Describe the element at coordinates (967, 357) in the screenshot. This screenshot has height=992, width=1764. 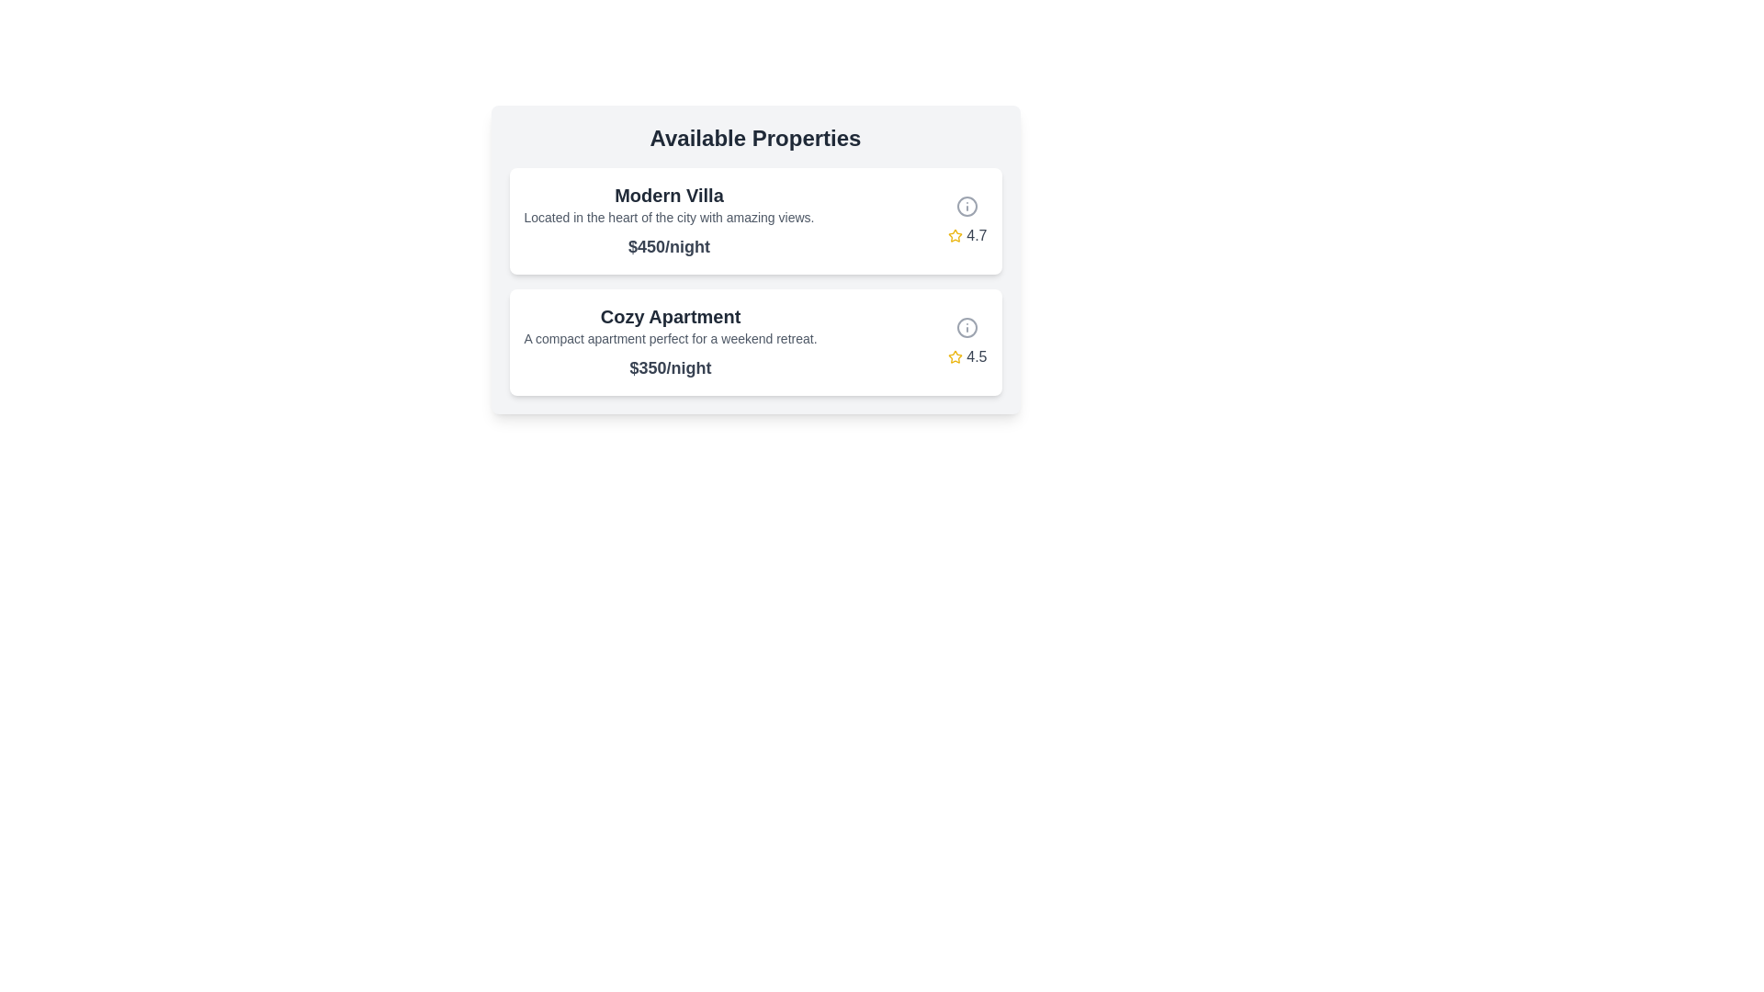
I see `rating value displayed in the star rating of the 'Cozy Apartment', which shows a score of '4.5'` at that location.